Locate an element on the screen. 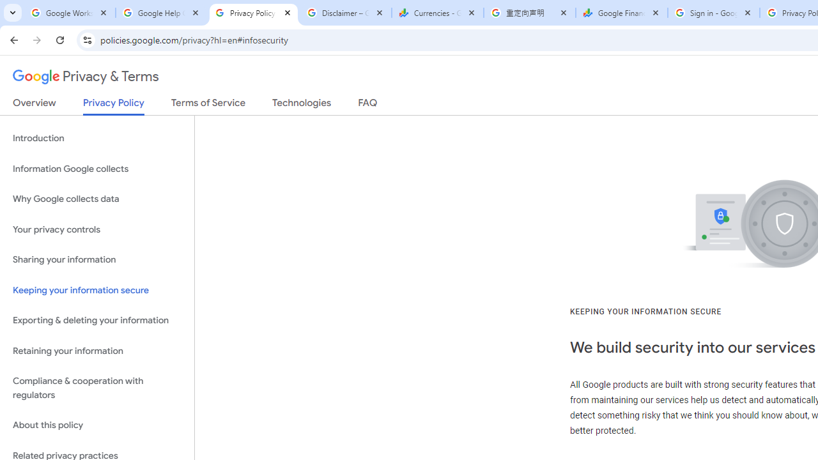  'Information Google collects' is located at coordinates (96, 168).